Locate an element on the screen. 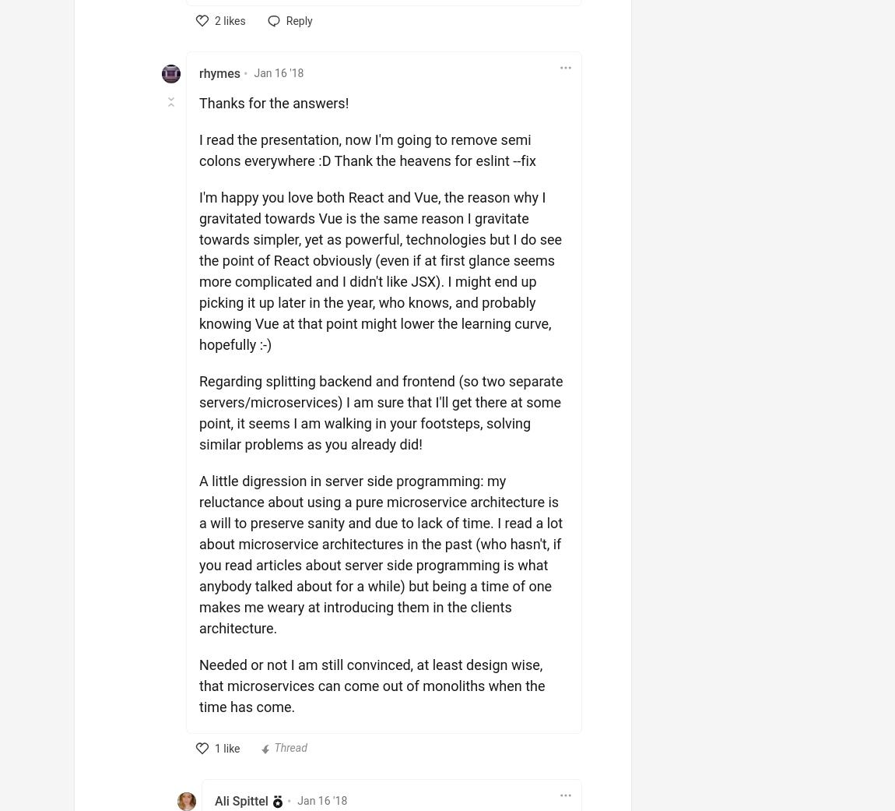 The image size is (895, 811). 'Thread' is located at coordinates (290, 748).